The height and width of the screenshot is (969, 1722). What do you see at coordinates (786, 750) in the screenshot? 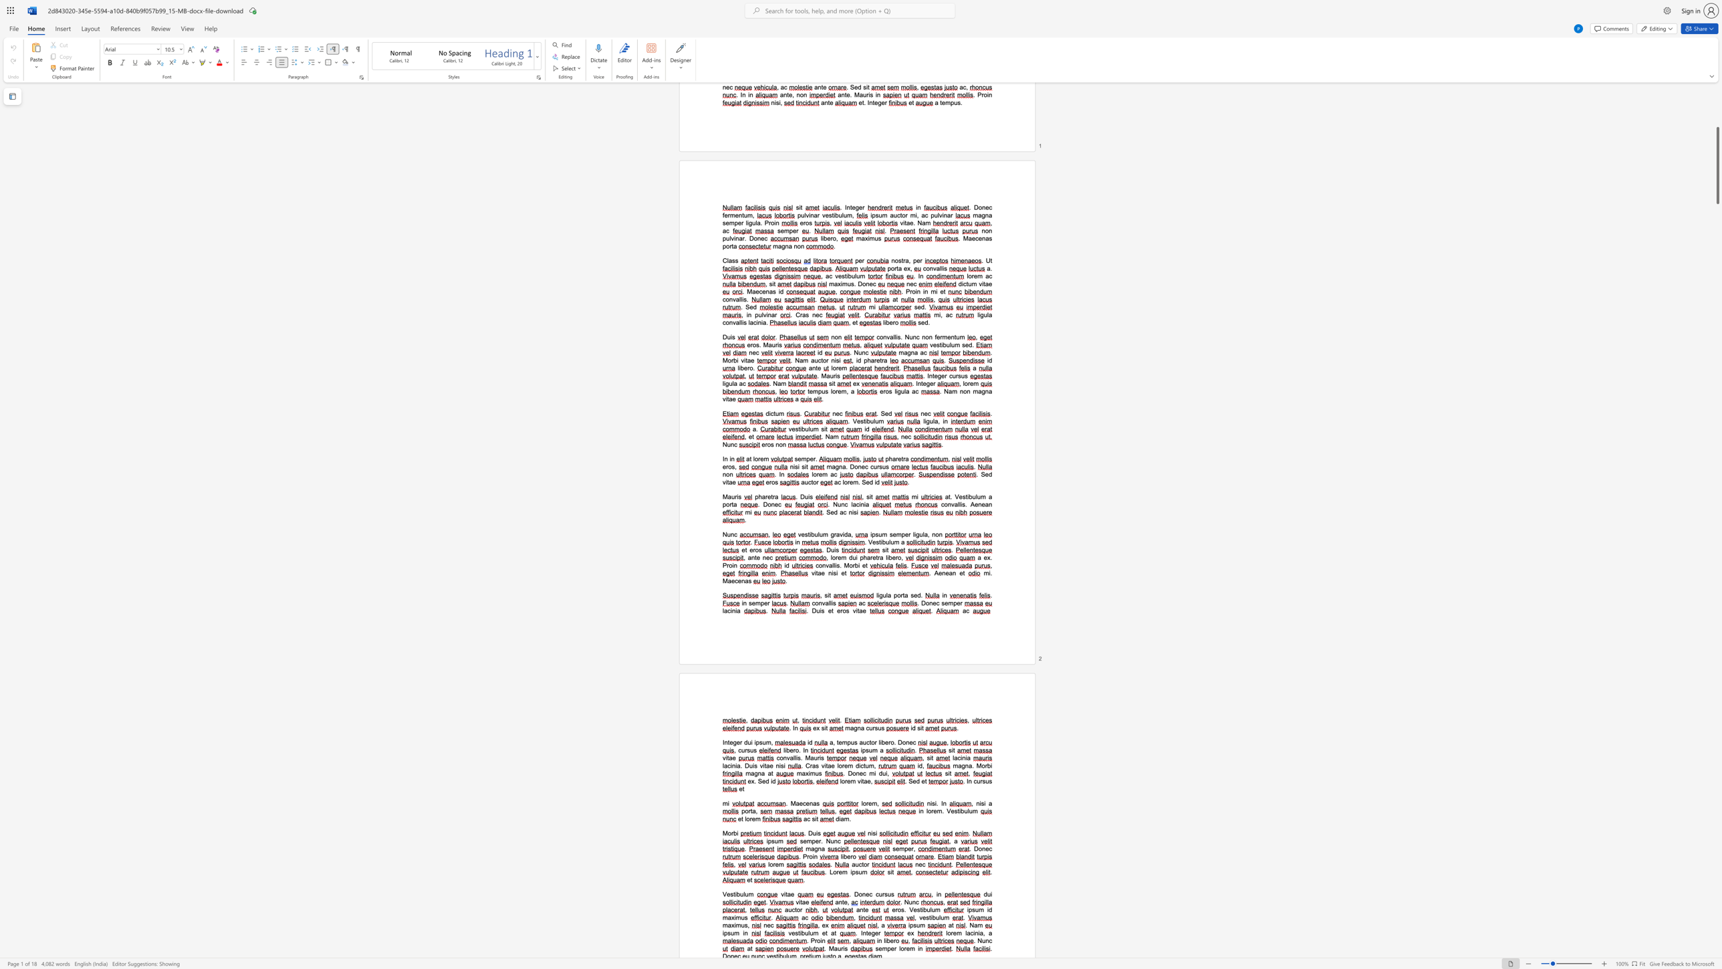
I see `the space between the continuous character "i" and "b" in the text` at bounding box center [786, 750].